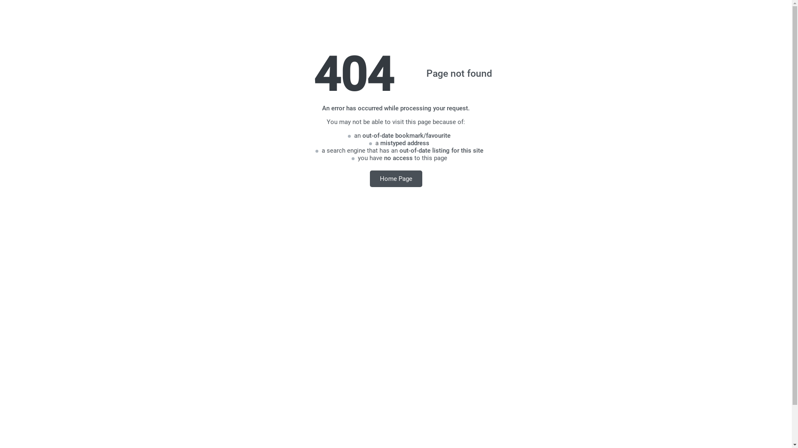 The height and width of the screenshot is (448, 798). Describe the element at coordinates (369, 178) in the screenshot. I see `'Home Page'` at that location.